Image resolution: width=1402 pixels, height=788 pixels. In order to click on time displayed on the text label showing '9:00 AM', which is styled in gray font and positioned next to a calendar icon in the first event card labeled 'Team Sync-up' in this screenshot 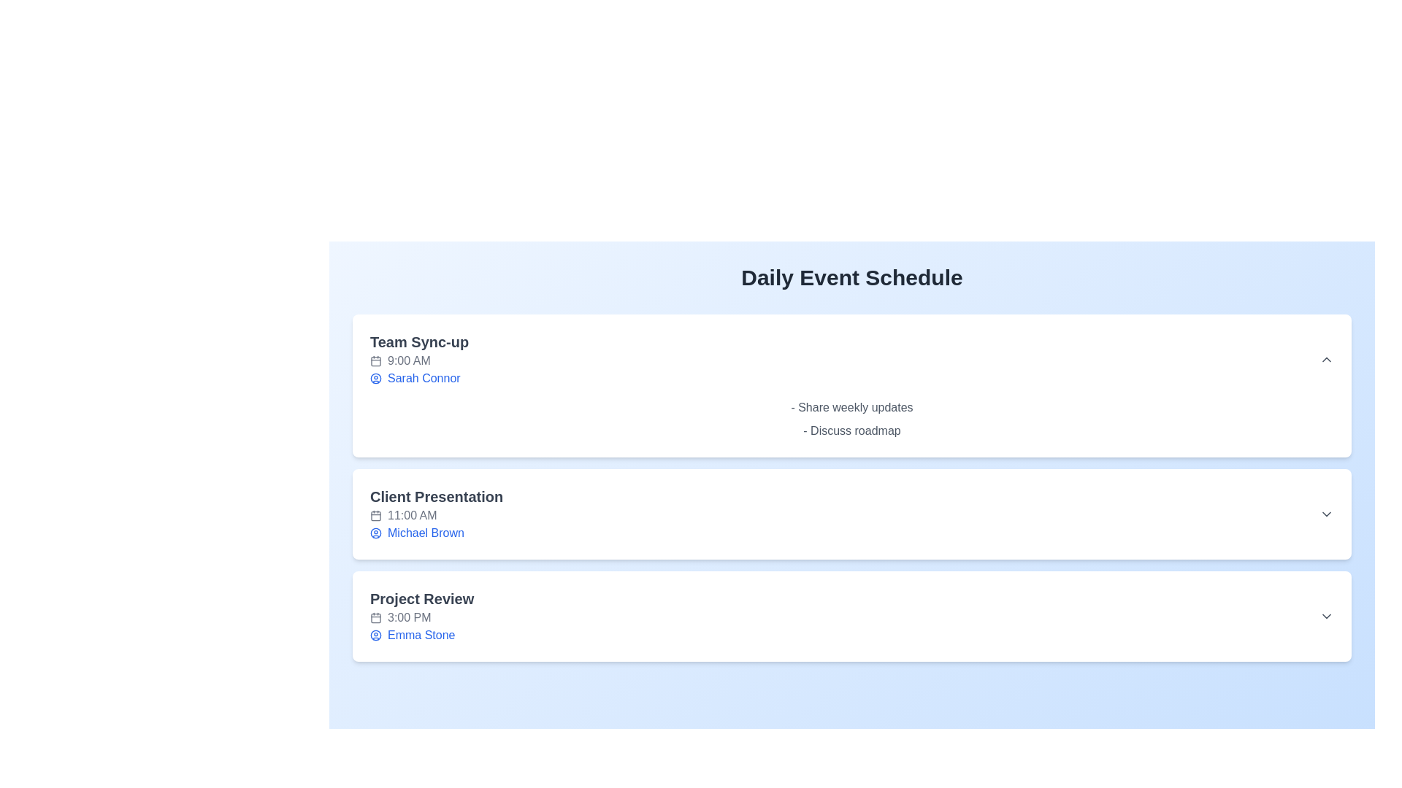, I will do `click(409, 360)`.